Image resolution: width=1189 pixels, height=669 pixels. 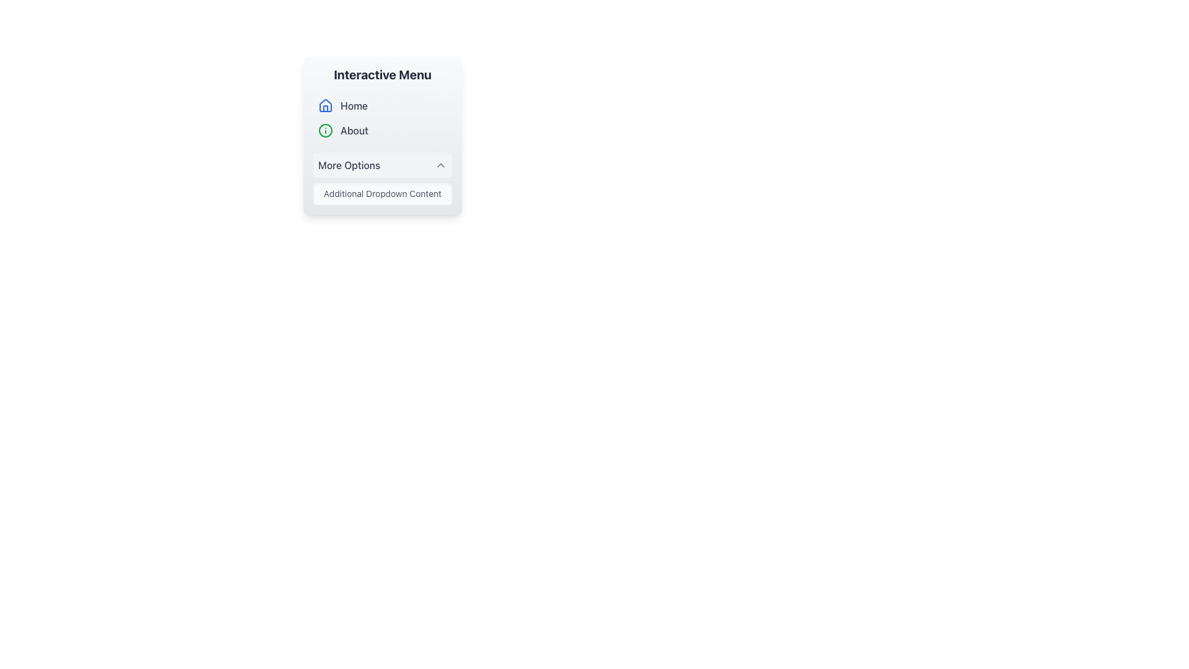 I want to click on the second menu item in the vertical stack, which serves as a navigation link to the 'About' section of the application, so click(x=382, y=131).